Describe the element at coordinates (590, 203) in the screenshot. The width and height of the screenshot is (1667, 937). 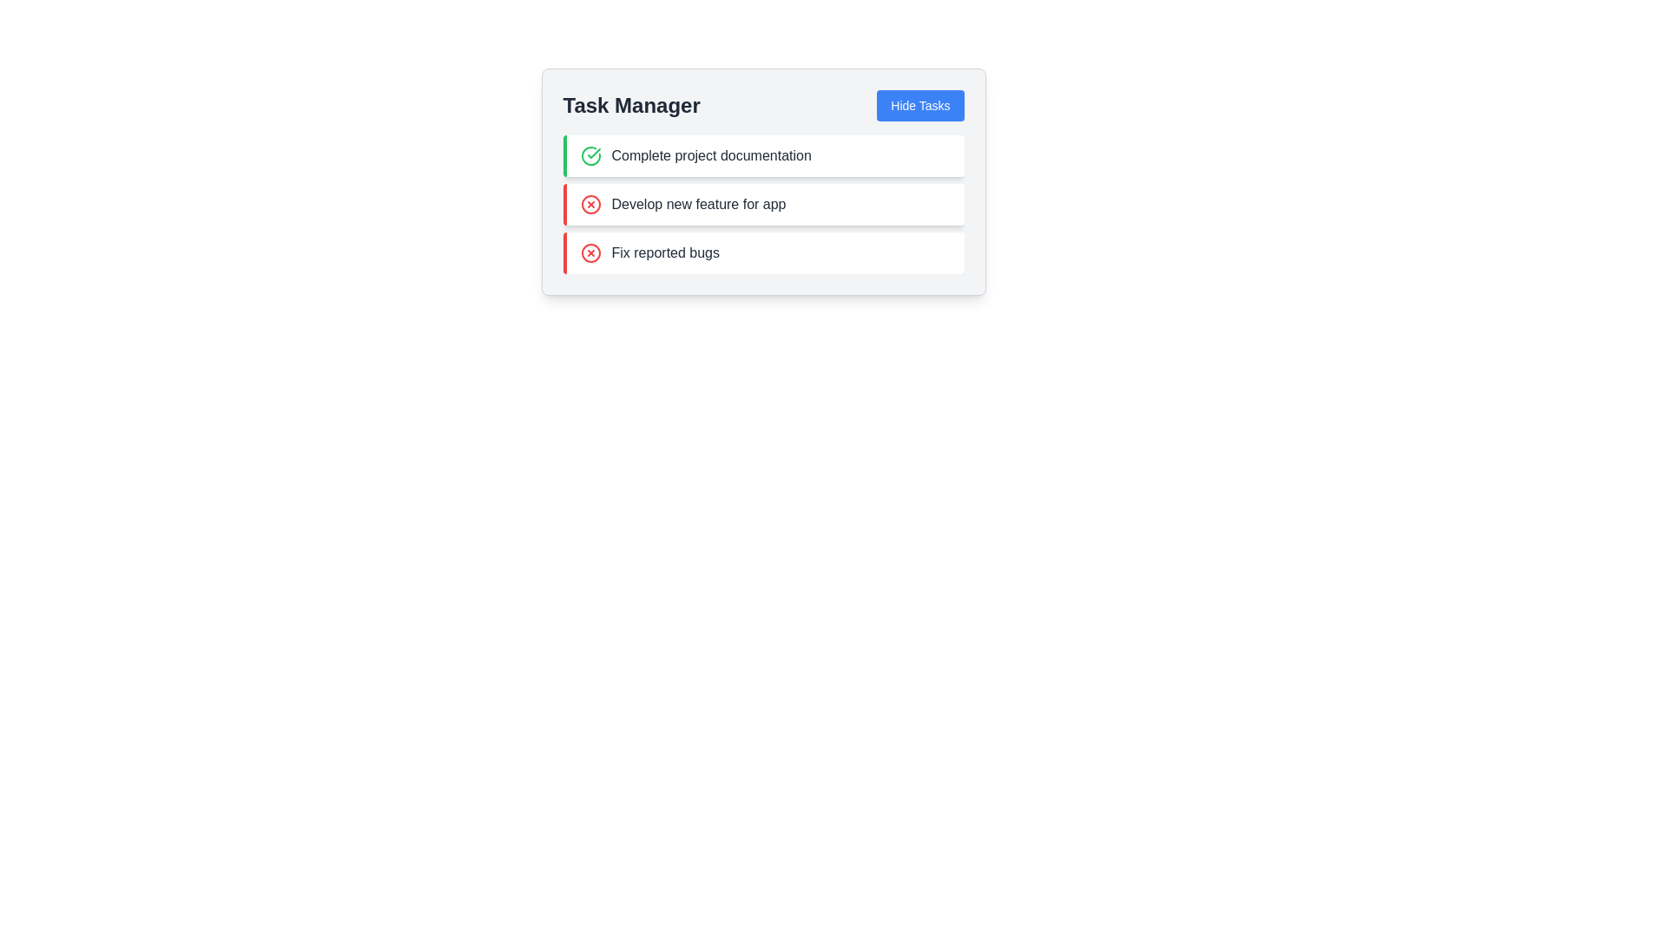
I see `the graphical representation of the red circular 'X' icon indicating an error in the 'Develop new feature for app' row` at that location.